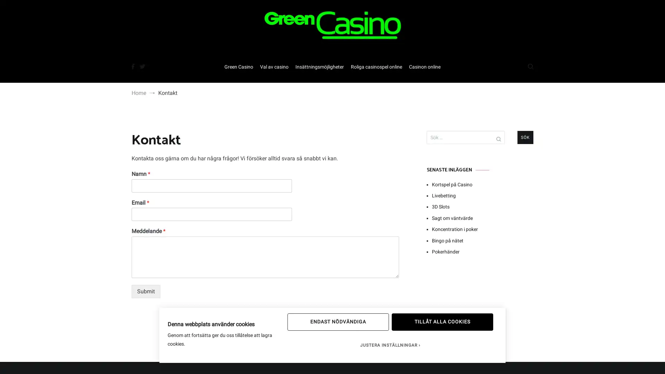 The image size is (665, 374). Describe the element at coordinates (390, 345) in the screenshot. I see `JUSTERA INSTALLNINGAR` at that location.